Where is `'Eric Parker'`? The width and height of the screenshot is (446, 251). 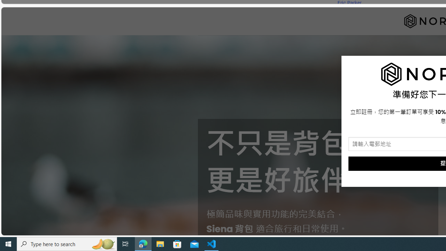 'Eric Parker' is located at coordinates (349, 3).